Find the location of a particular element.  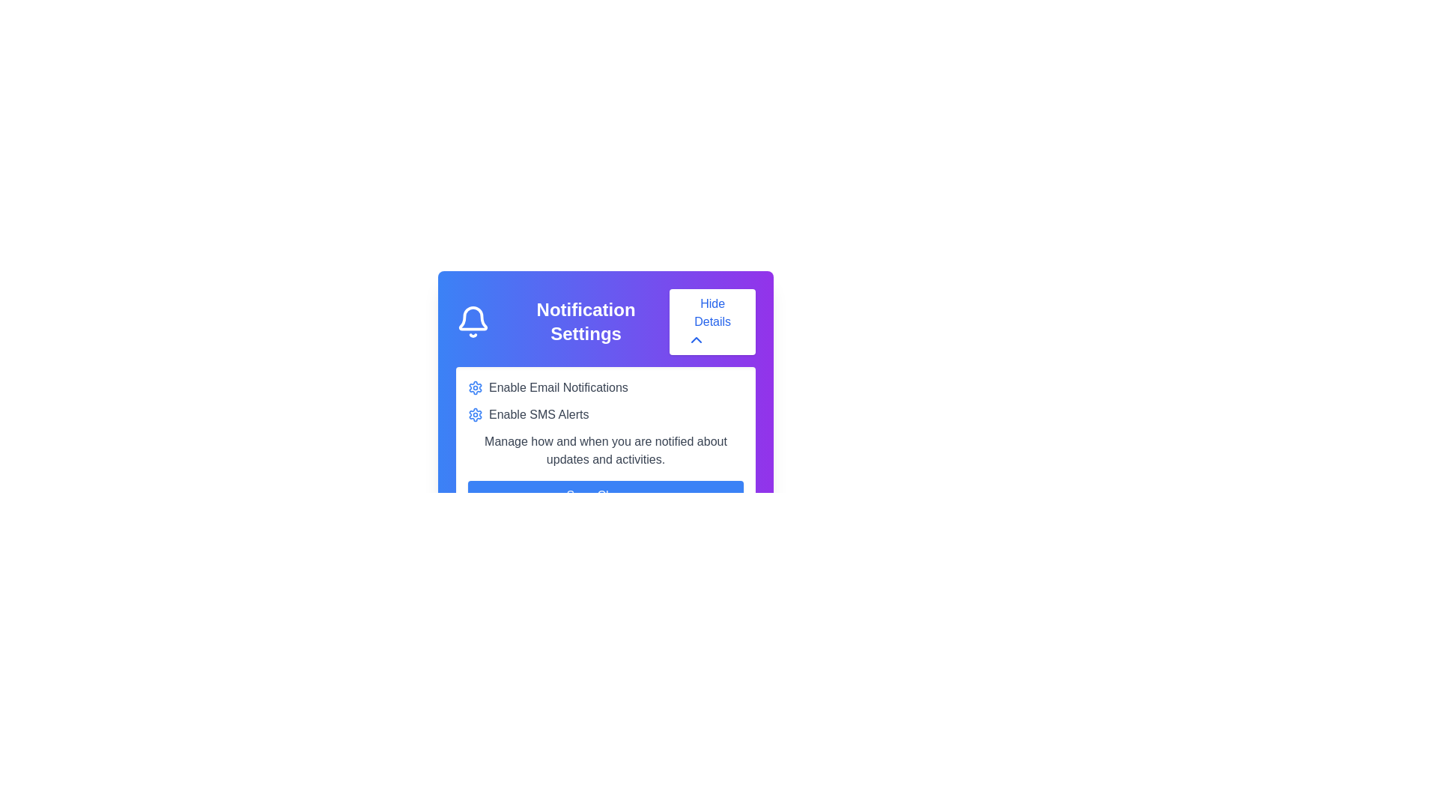

the notification icon located at the top-left of the notification settings interface is located at coordinates (473, 321).